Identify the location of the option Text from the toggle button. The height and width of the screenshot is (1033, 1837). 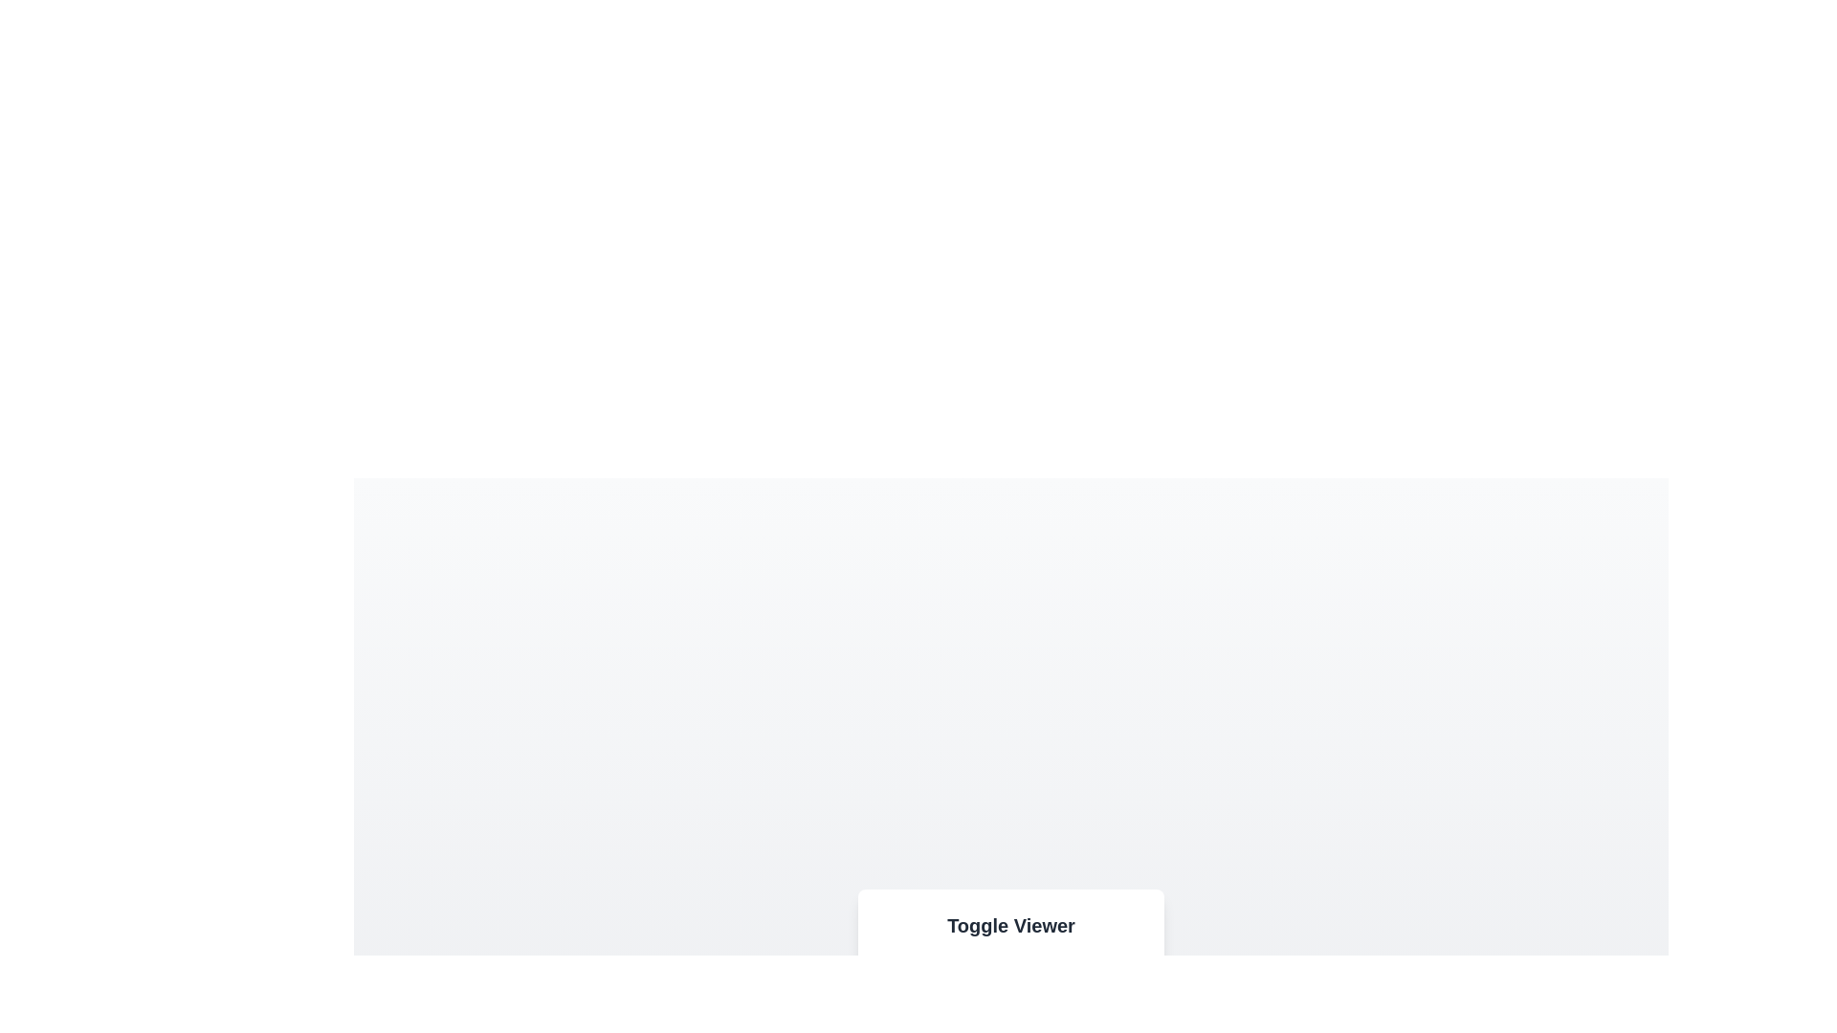
(1122, 995).